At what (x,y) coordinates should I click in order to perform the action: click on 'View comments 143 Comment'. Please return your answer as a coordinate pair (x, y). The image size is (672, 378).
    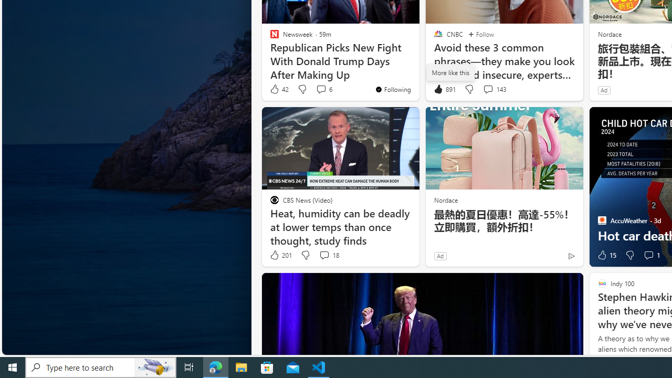
    Looking at the image, I should click on (487, 88).